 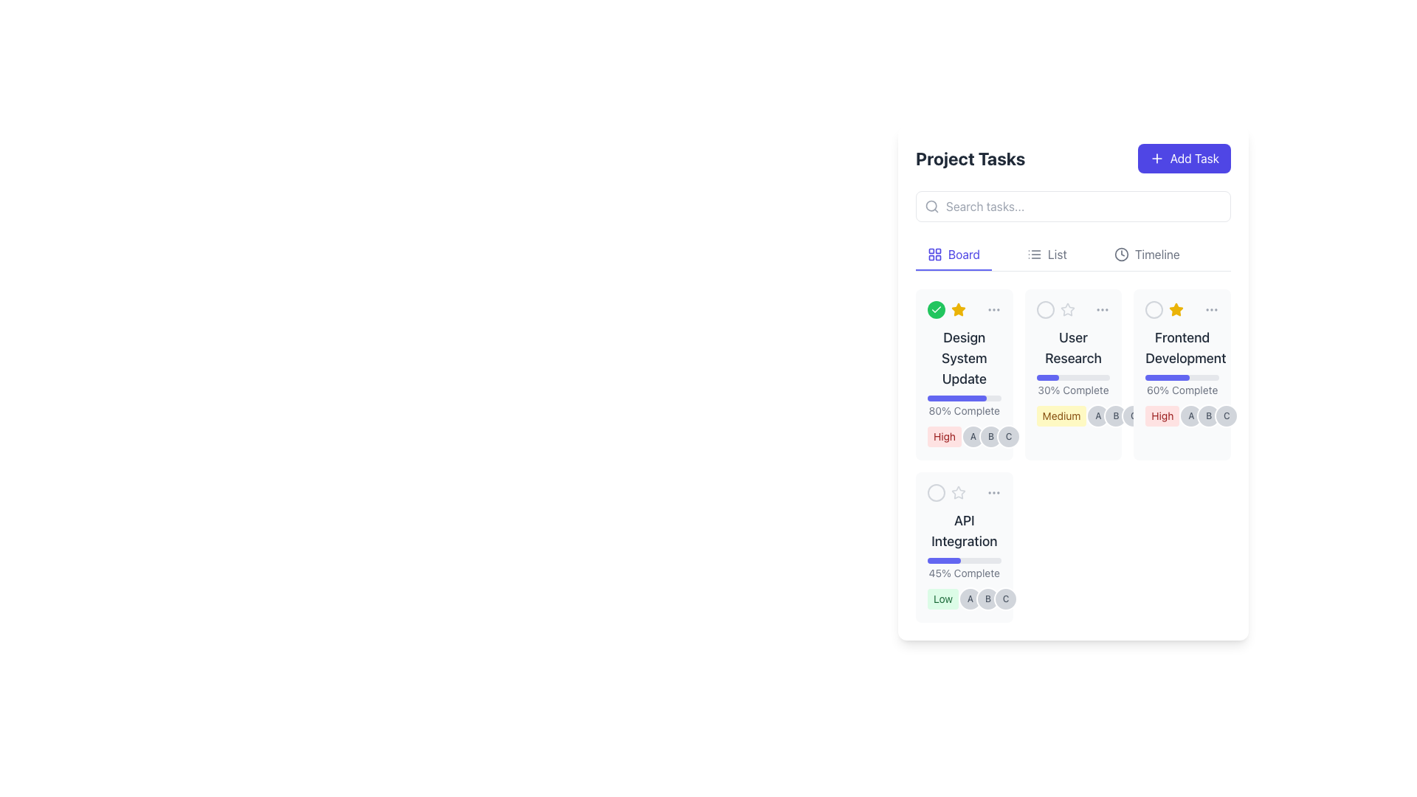 I want to click on the magnifying glass icon located to the far left of the search input field, which visually indicates the functionality of the adjacent text input area, so click(x=931, y=207).